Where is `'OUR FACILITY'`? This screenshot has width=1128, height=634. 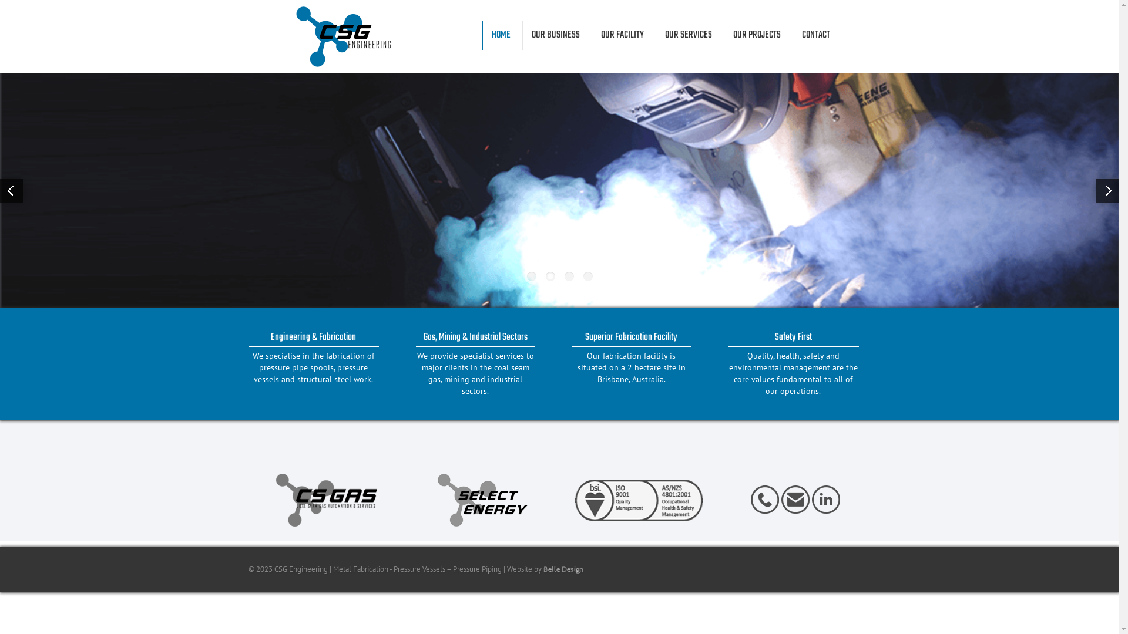
'OUR FACILITY' is located at coordinates (621, 35).